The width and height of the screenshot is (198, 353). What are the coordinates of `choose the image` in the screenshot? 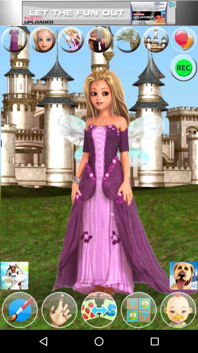 It's located at (127, 40).